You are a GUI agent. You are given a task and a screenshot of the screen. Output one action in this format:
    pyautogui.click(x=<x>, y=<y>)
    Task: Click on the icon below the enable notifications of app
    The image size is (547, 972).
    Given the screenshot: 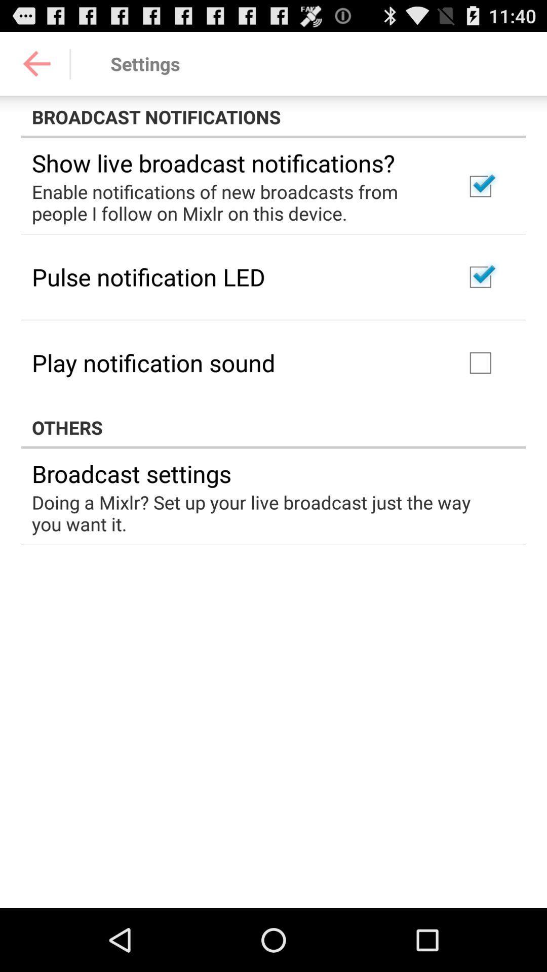 What is the action you would take?
    pyautogui.click(x=148, y=277)
    